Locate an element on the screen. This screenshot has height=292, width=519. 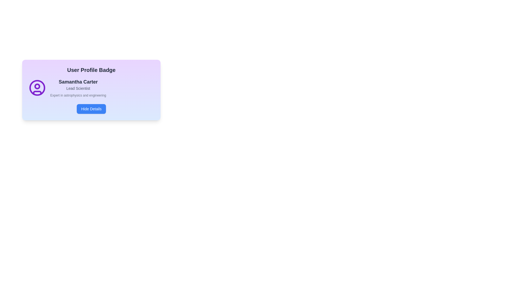
the text label displaying 'Samantha Carter', which serves as the name identifier for the user profile and is positioned at the top-center of the profile information section is located at coordinates (78, 82).